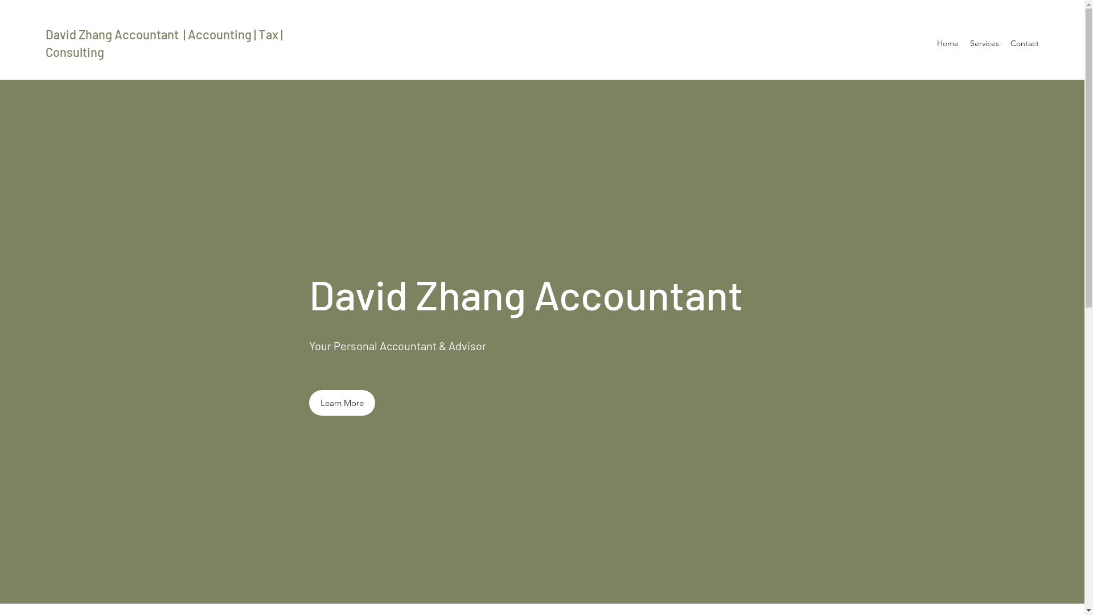  Describe the element at coordinates (931, 43) in the screenshot. I see `'Home'` at that location.